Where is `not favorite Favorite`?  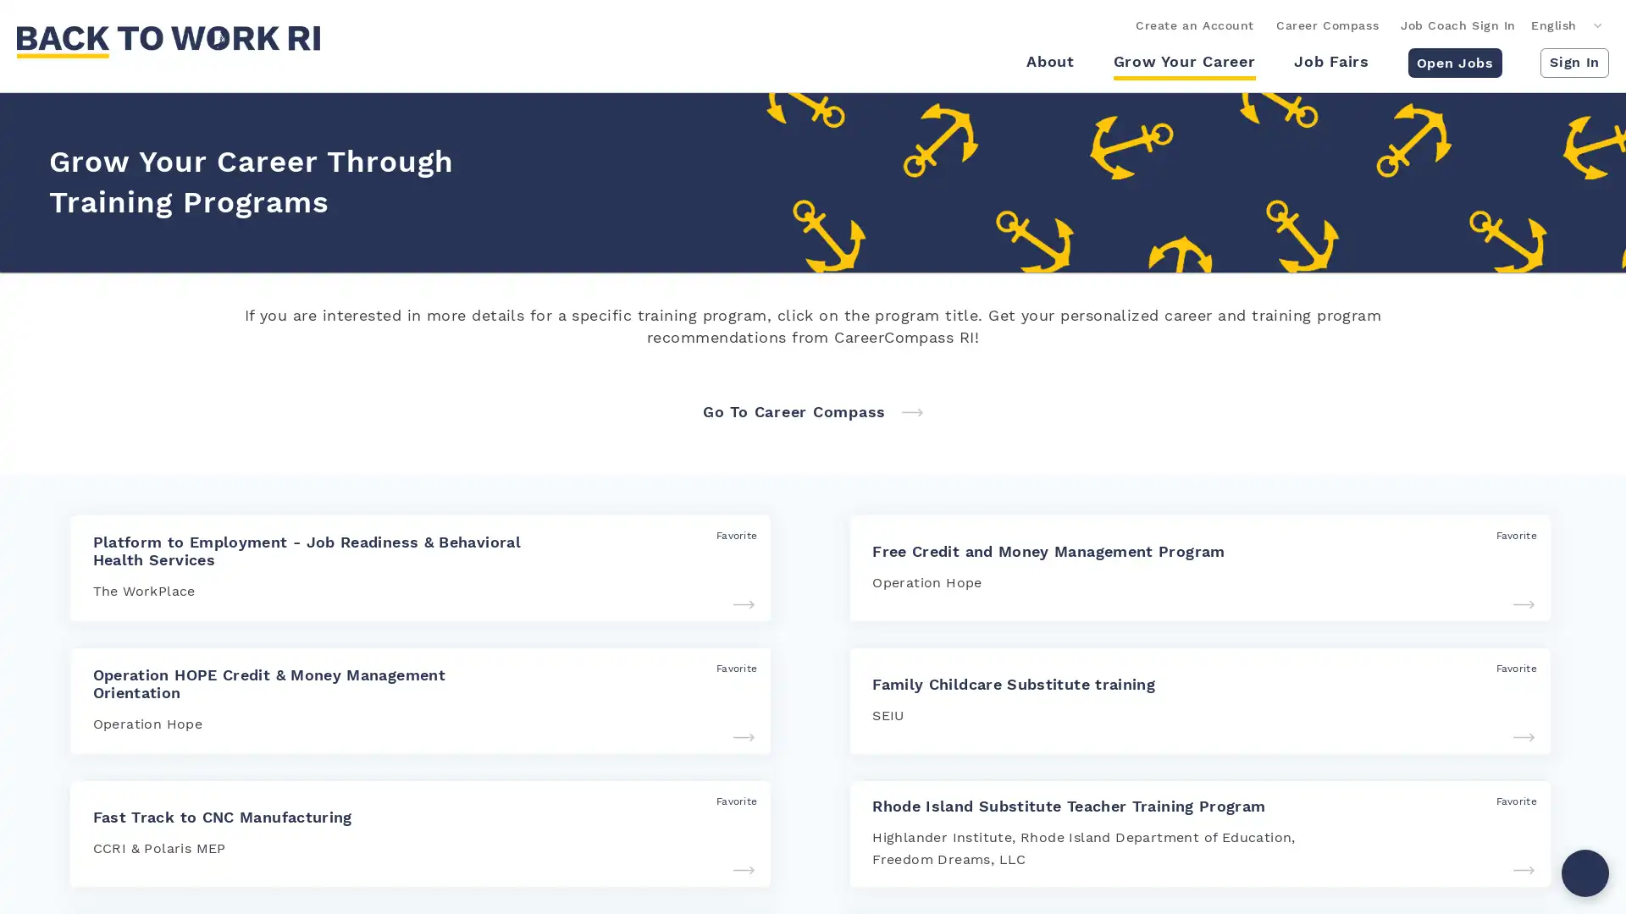
not favorite Favorite is located at coordinates (727, 667).